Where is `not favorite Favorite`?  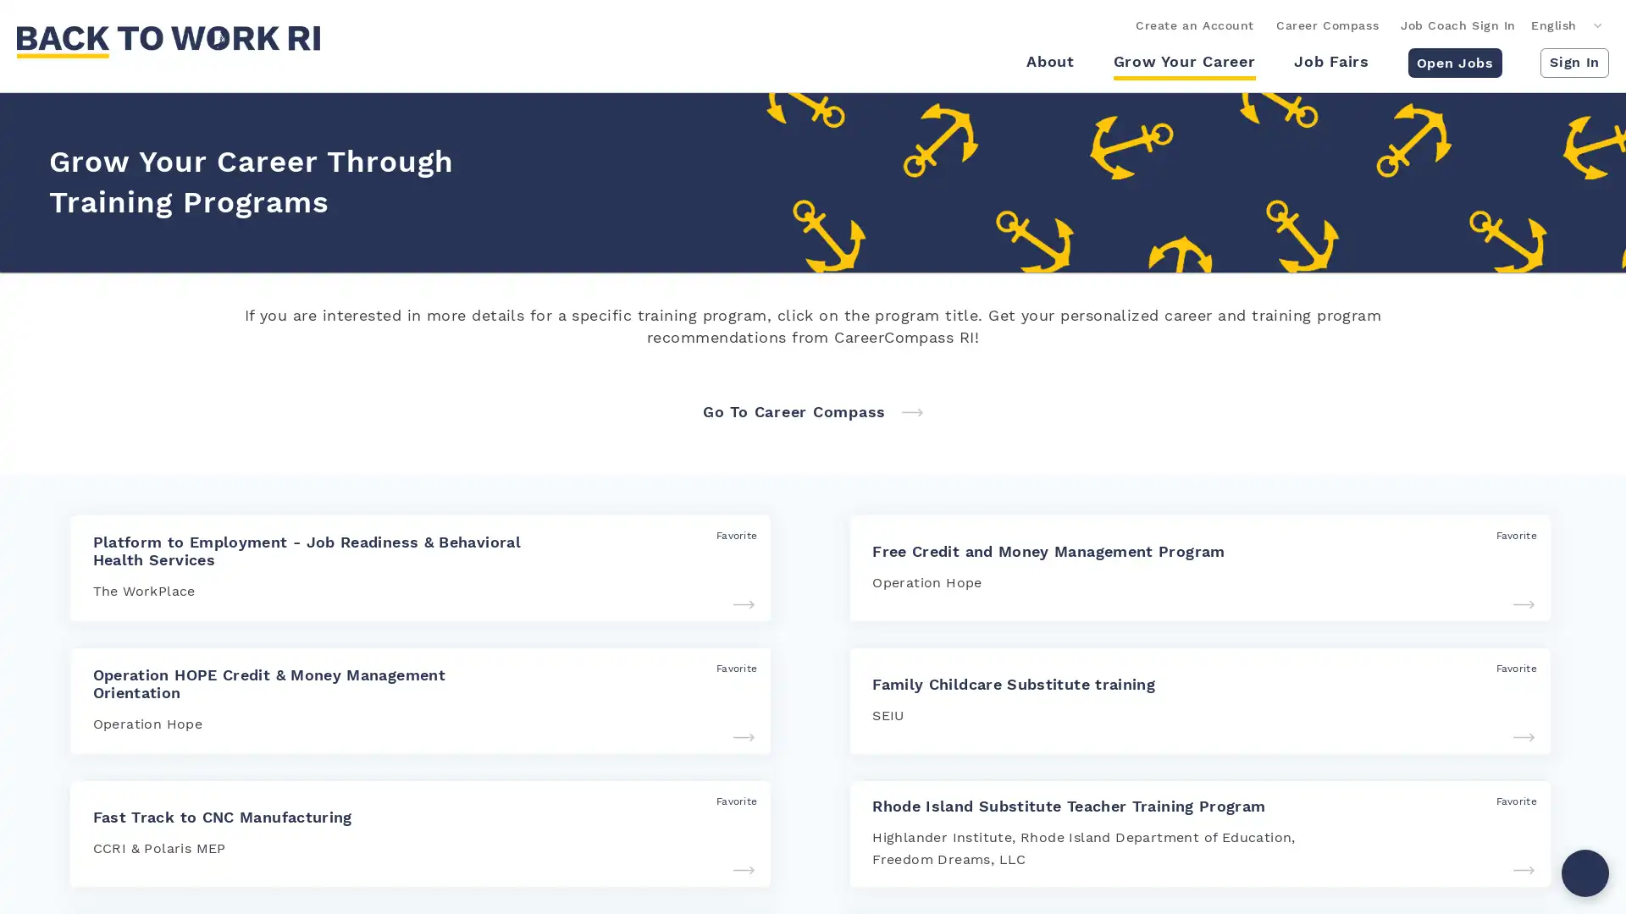
not favorite Favorite is located at coordinates (727, 667).